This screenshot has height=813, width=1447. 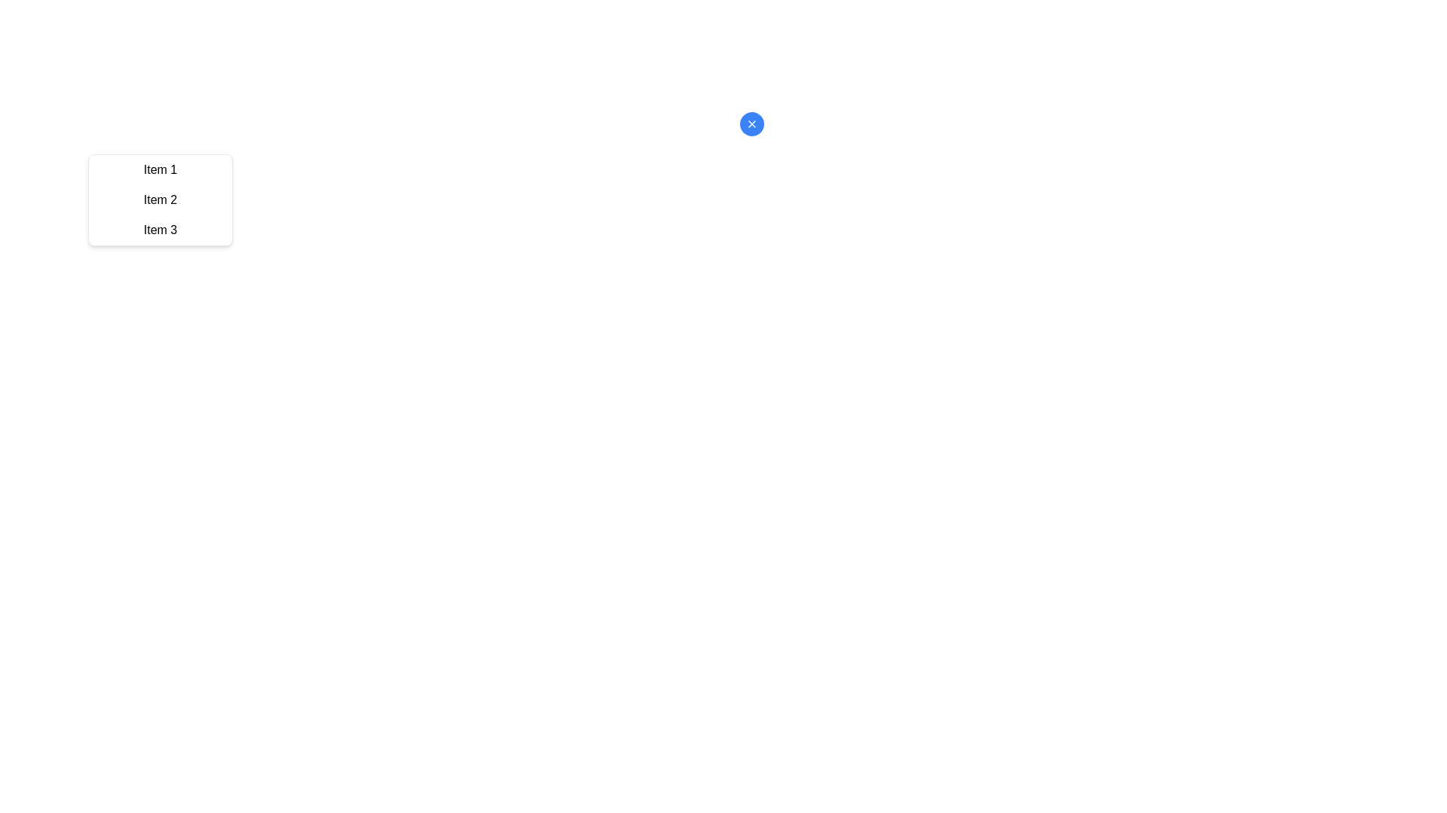 I want to click on the button labeled 'Item 2', so click(x=160, y=199).